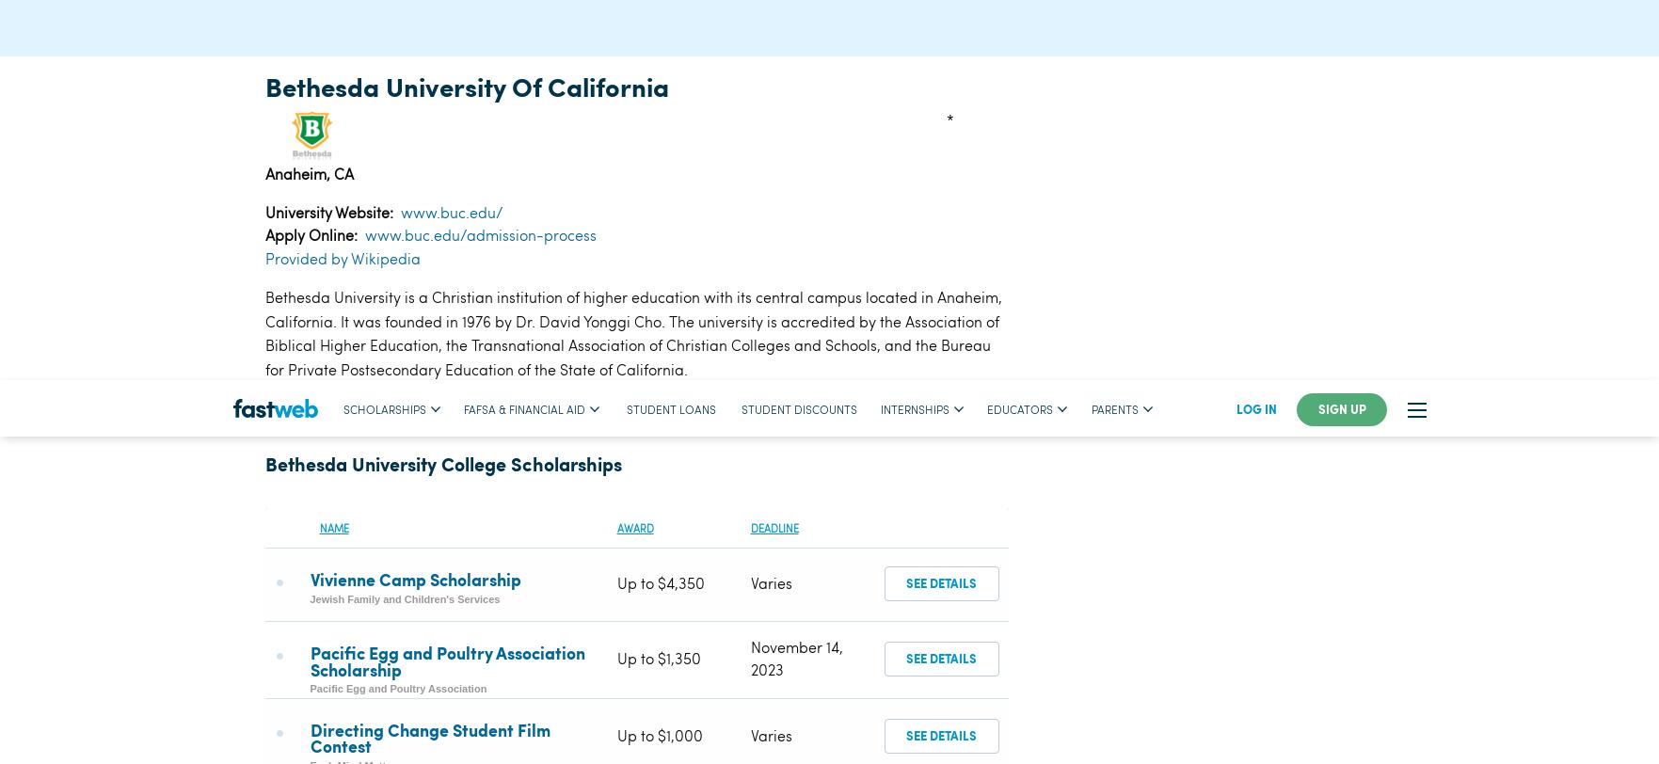 Image resolution: width=1659 pixels, height=764 pixels. What do you see at coordinates (410, 616) in the screenshot?
I see `'California Department of Veterans Affairs'` at bounding box center [410, 616].